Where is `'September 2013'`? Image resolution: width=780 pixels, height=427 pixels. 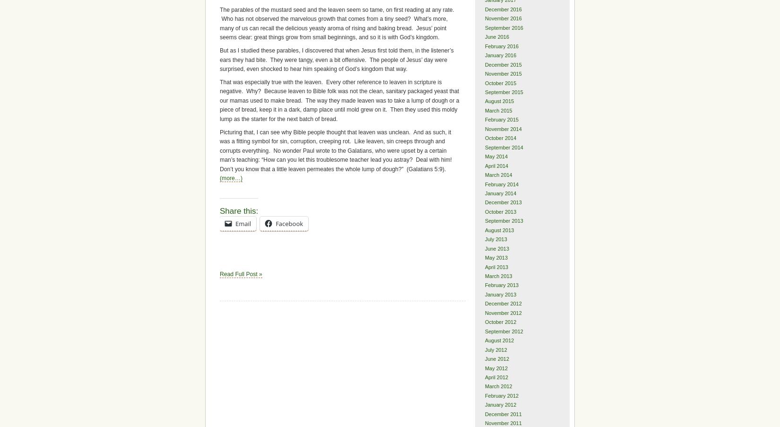 'September 2013' is located at coordinates (484, 221).